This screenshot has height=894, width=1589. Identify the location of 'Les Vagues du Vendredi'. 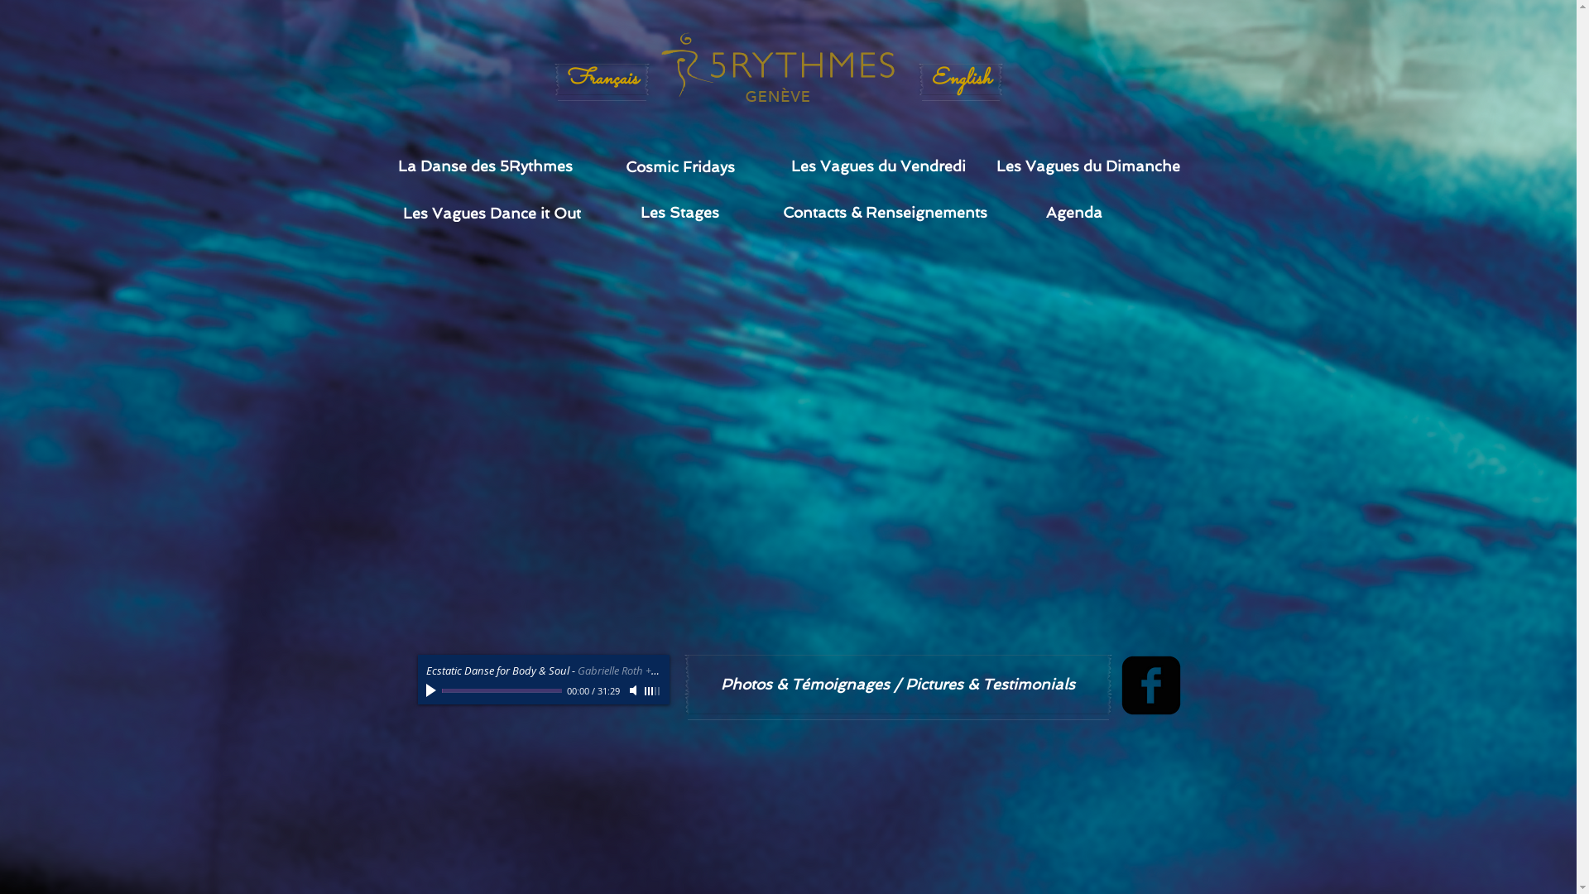
(876, 166).